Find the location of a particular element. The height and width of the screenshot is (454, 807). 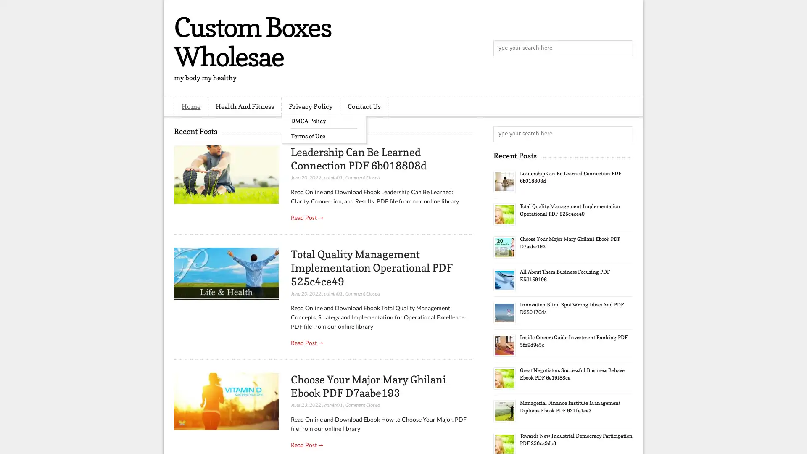

Search is located at coordinates (624, 48).